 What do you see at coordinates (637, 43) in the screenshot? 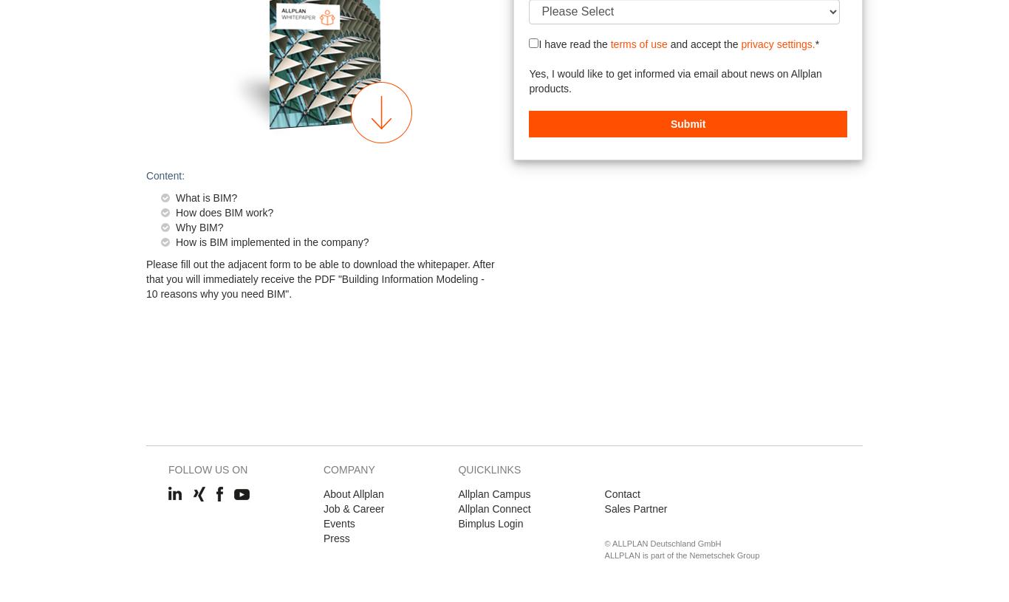
I see `'terms of use'` at bounding box center [637, 43].